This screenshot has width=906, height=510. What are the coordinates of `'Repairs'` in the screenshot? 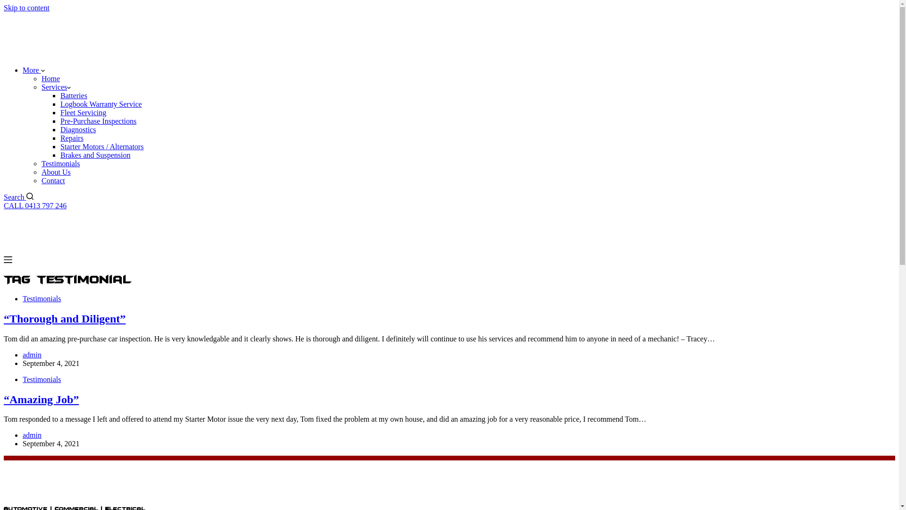 It's located at (71, 138).